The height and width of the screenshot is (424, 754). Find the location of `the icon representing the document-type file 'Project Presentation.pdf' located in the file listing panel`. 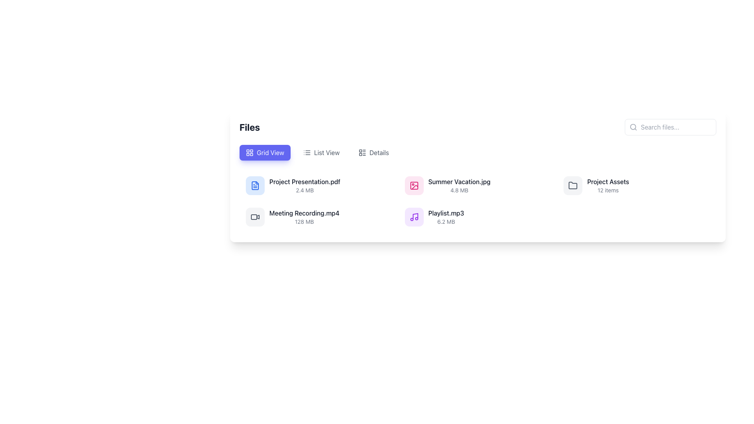

the icon representing the document-type file 'Project Presentation.pdf' located in the file listing panel is located at coordinates (255, 186).